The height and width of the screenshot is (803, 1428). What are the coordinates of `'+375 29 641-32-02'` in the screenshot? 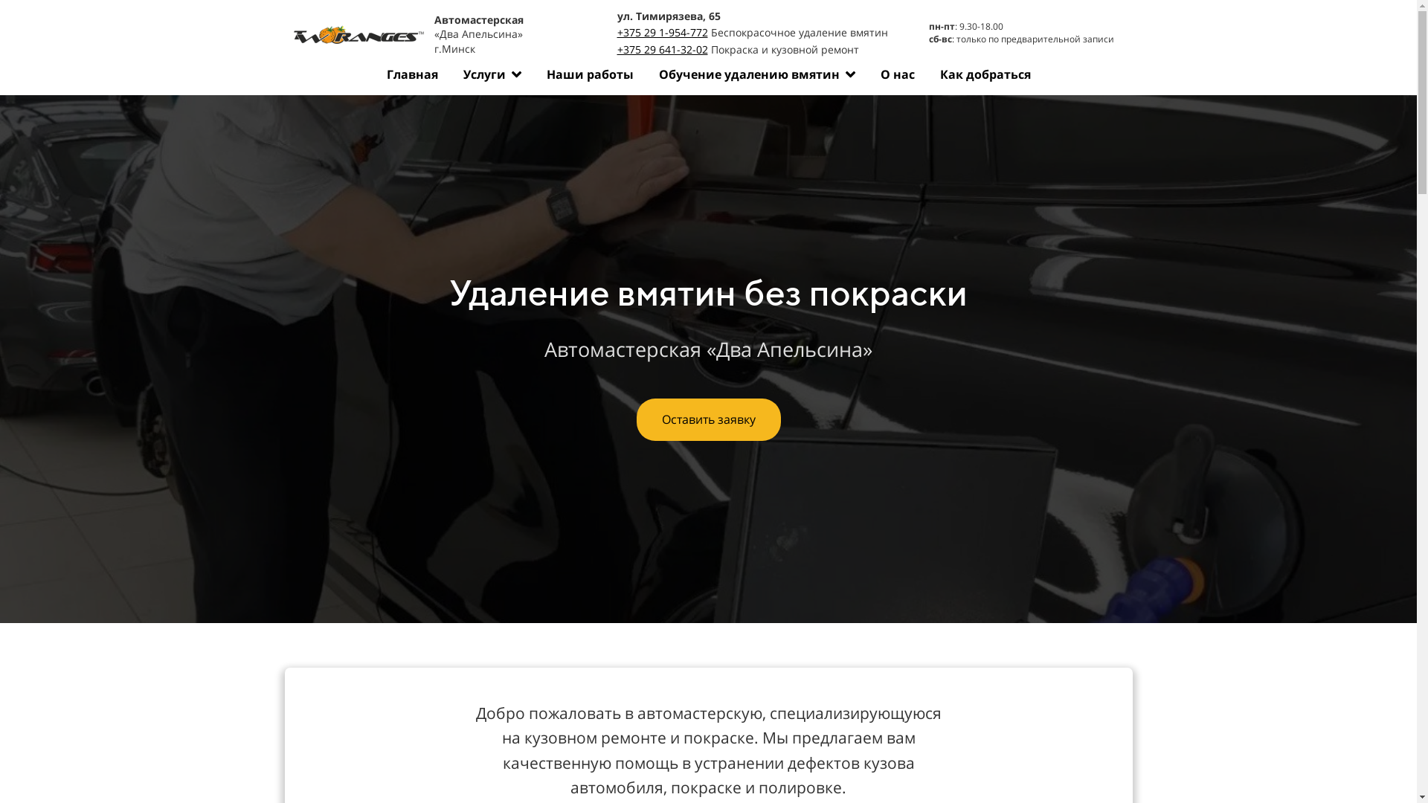 It's located at (662, 48).